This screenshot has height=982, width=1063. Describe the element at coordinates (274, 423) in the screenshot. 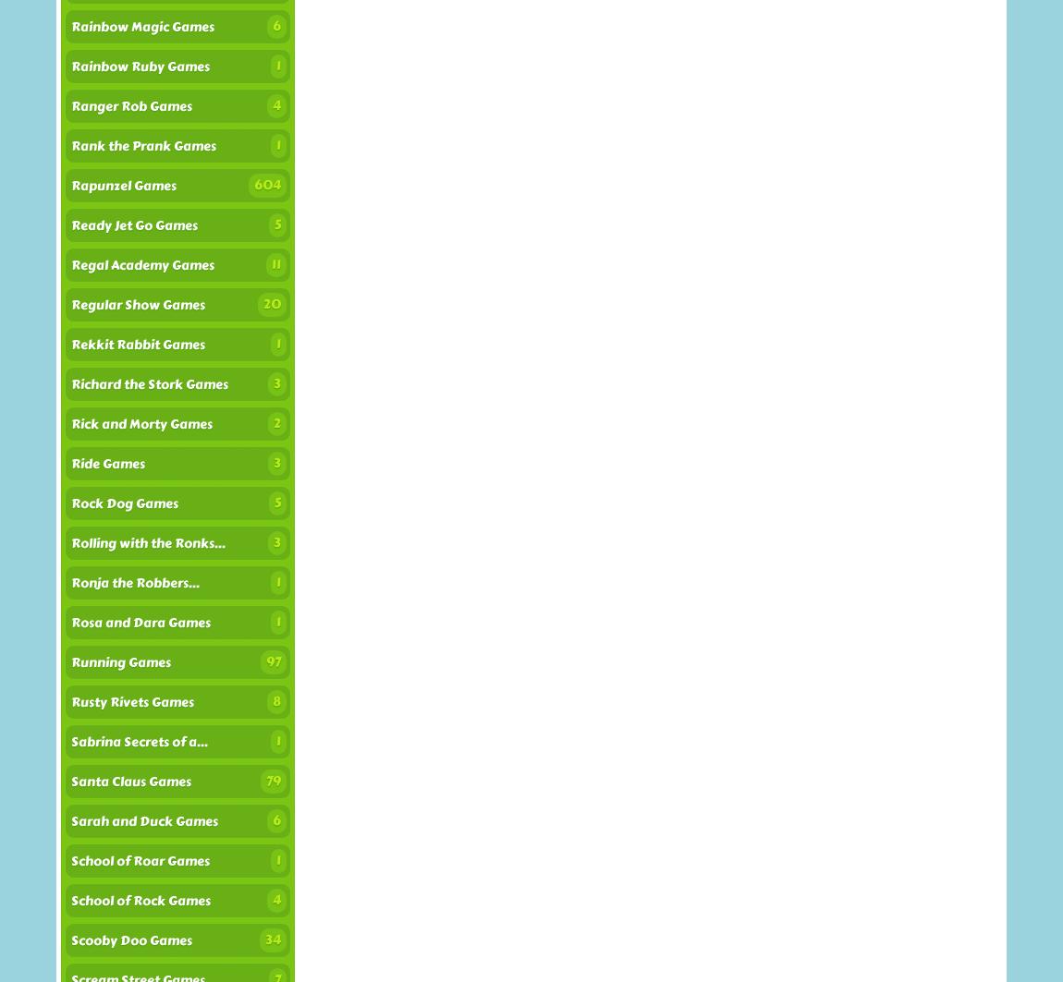

I see `'2'` at that location.